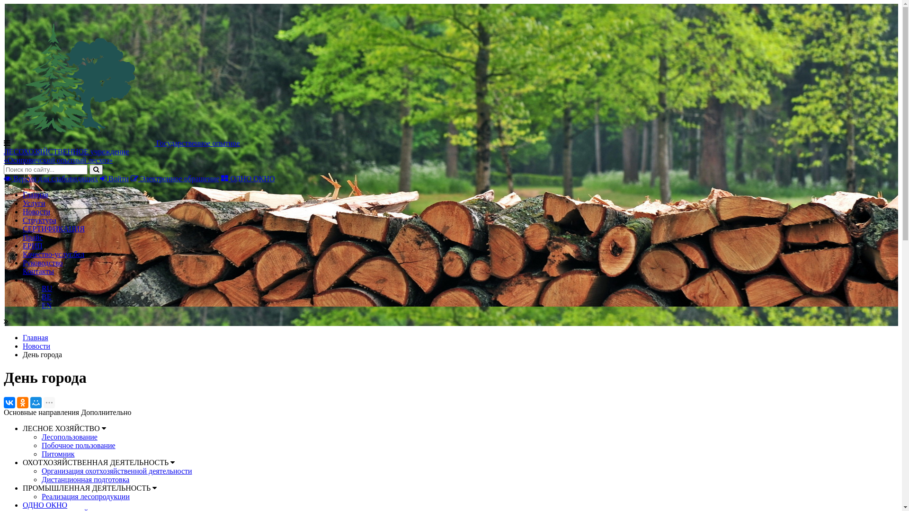  Describe the element at coordinates (23, 279) in the screenshot. I see `'ru'` at that location.